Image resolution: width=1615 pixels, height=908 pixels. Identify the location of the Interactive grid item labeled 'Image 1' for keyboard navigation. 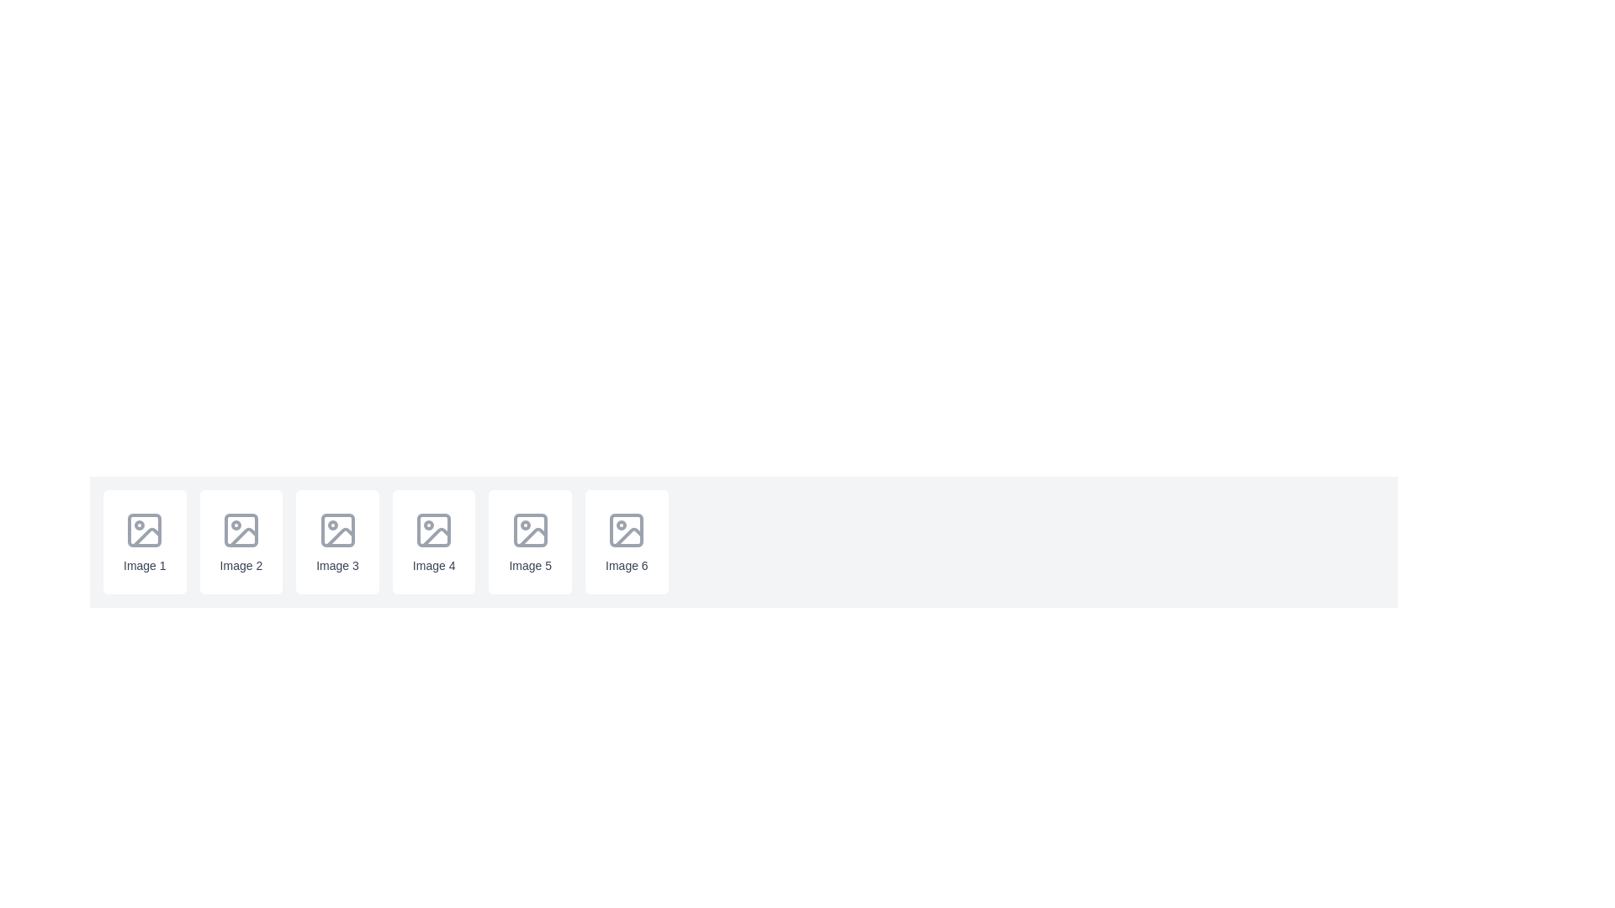
(145, 541).